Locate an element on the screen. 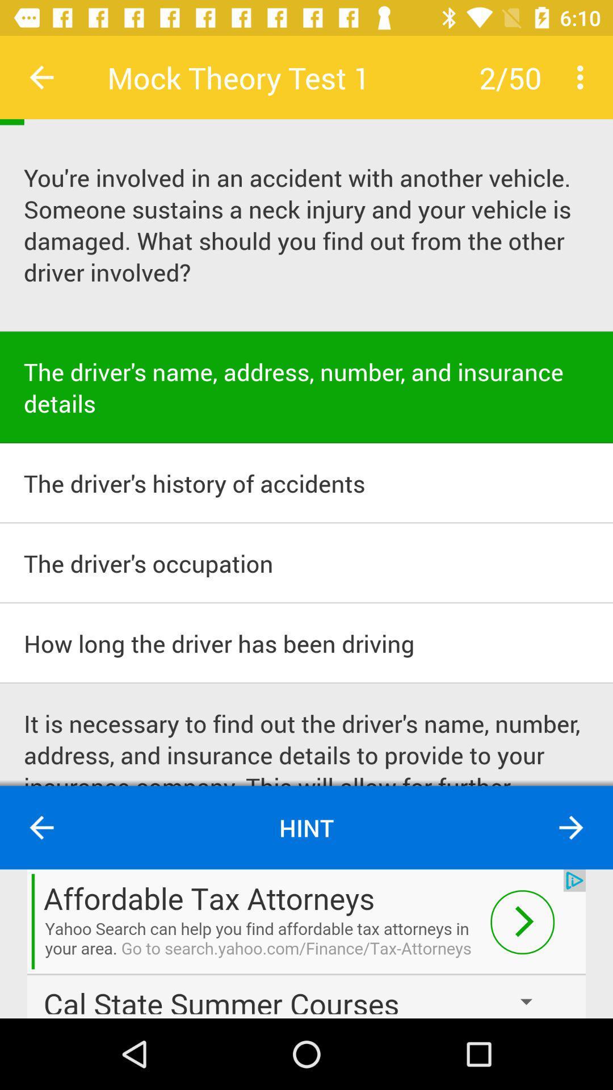  the menu button at the top right corner of the page is located at coordinates (583, 77).